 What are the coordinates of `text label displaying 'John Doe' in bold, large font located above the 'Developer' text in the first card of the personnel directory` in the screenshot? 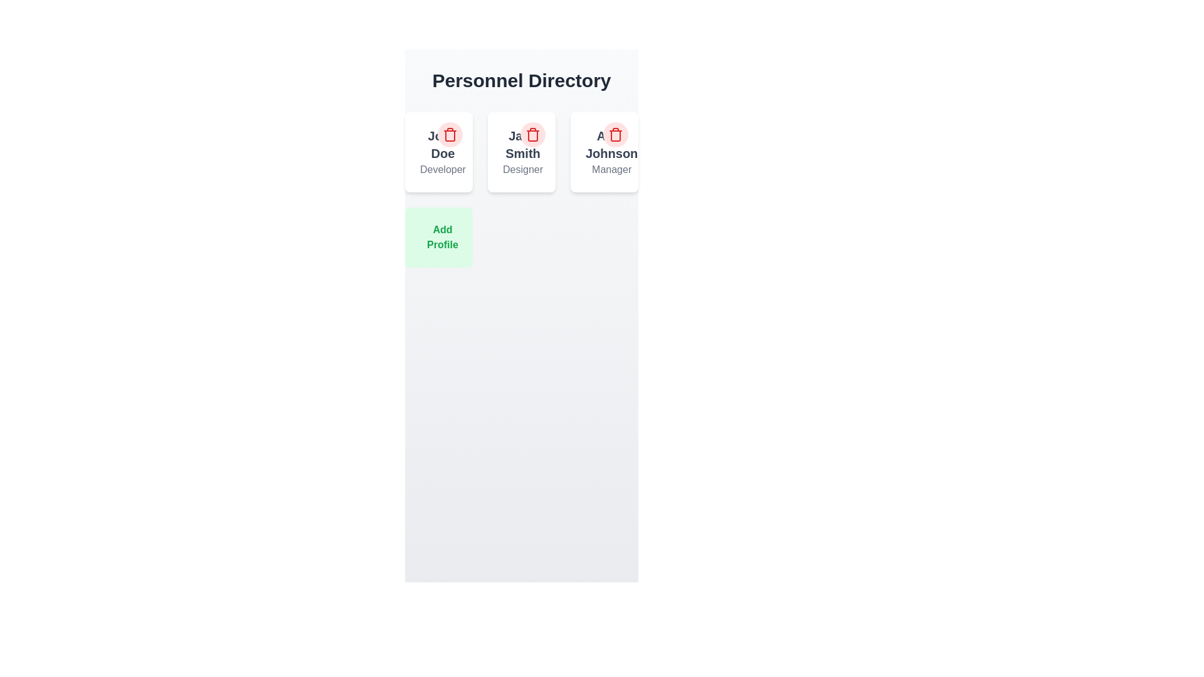 It's located at (443, 144).